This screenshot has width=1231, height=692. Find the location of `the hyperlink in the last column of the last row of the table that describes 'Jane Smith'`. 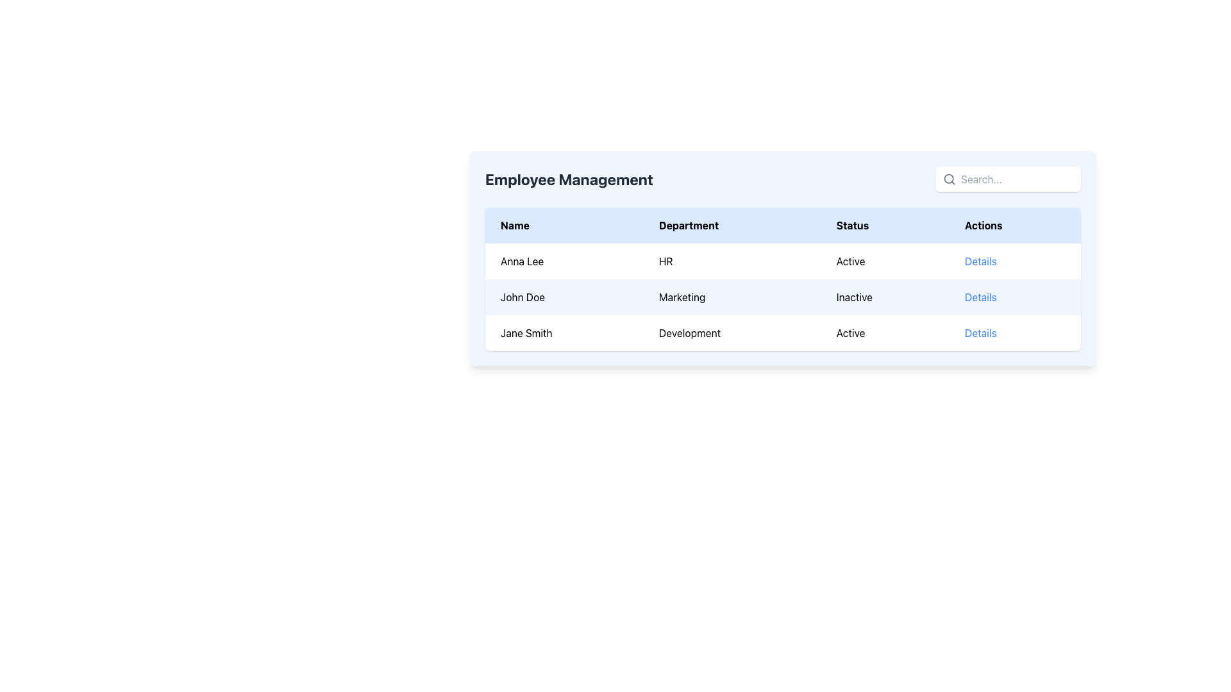

the hyperlink in the last column of the last row of the table that describes 'Jane Smith' is located at coordinates (1014, 333).